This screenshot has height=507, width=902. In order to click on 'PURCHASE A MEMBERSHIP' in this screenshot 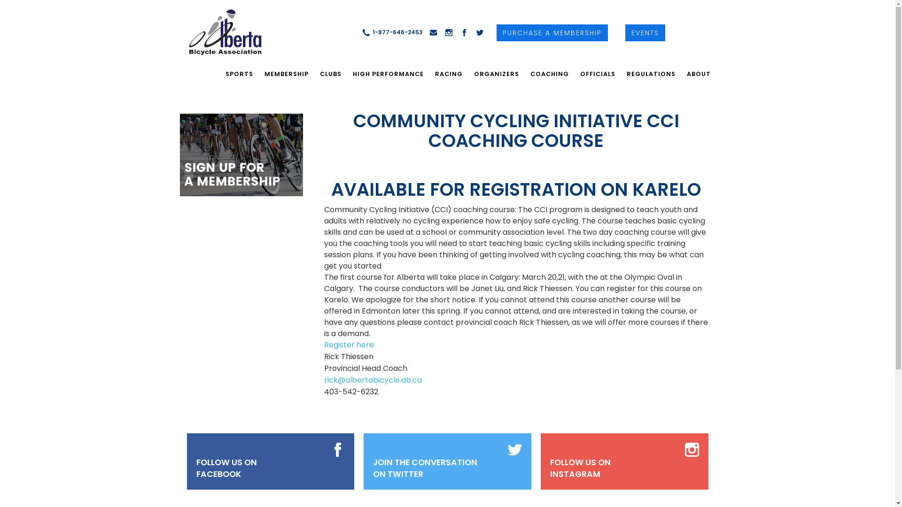, I will do `click(552, 32)`.